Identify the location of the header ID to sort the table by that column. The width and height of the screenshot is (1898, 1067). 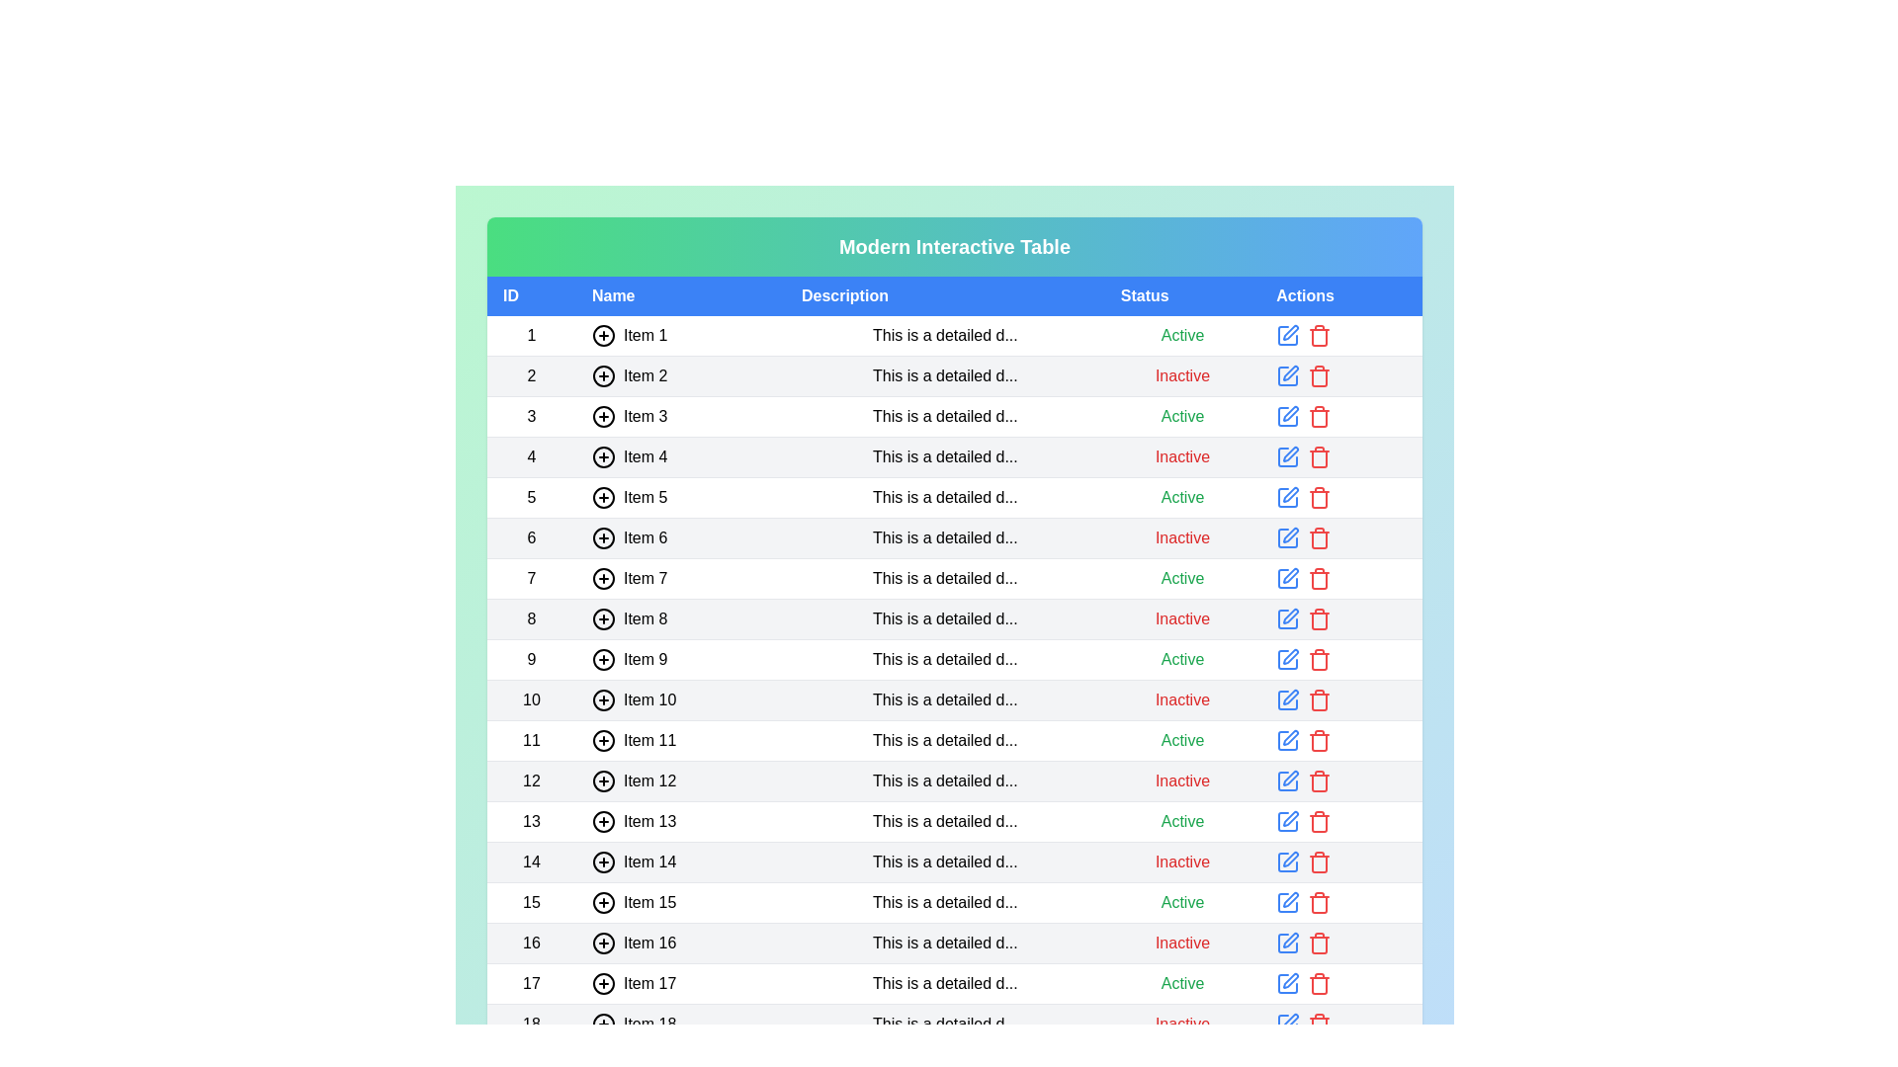
(531, 296).